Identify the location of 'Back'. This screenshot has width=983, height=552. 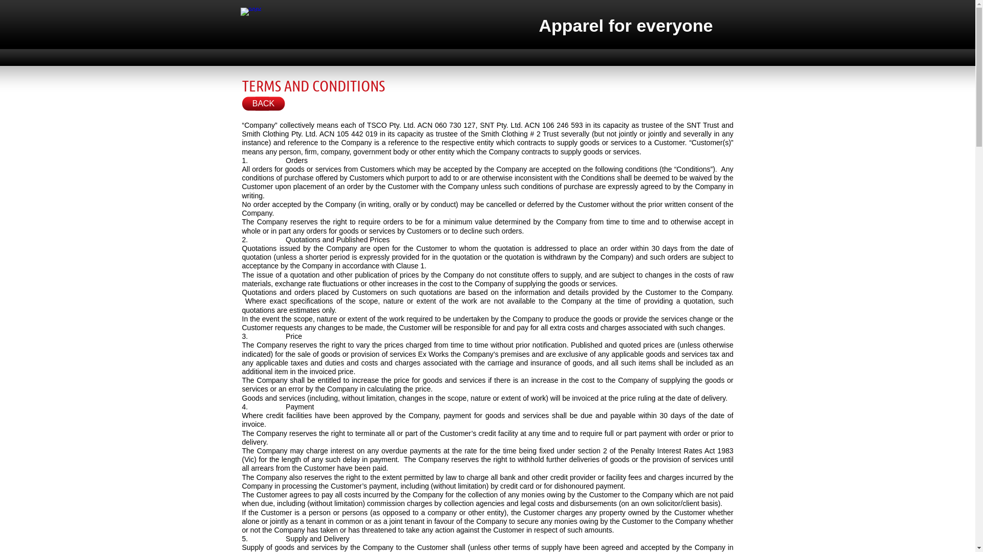
(263, 104).